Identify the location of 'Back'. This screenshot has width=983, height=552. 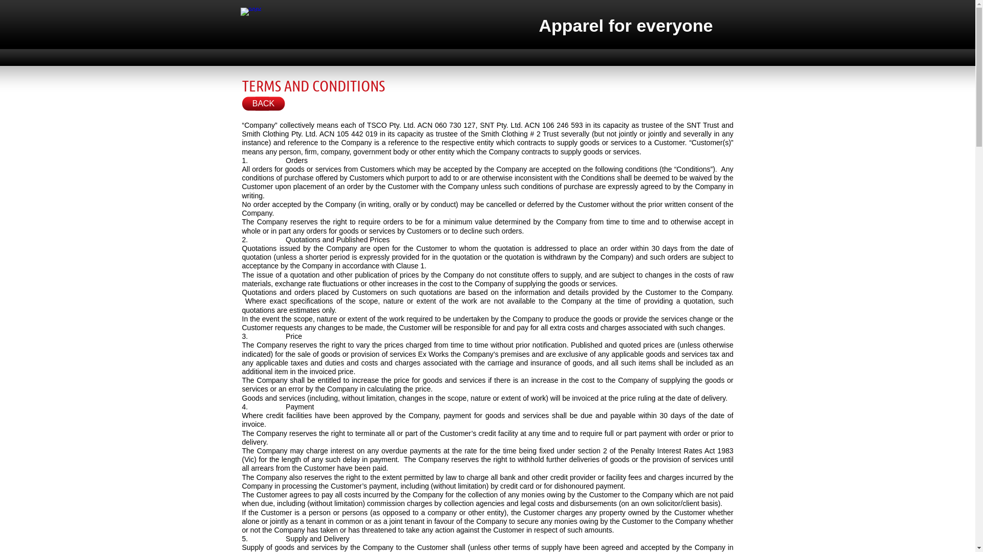
(263, 104).